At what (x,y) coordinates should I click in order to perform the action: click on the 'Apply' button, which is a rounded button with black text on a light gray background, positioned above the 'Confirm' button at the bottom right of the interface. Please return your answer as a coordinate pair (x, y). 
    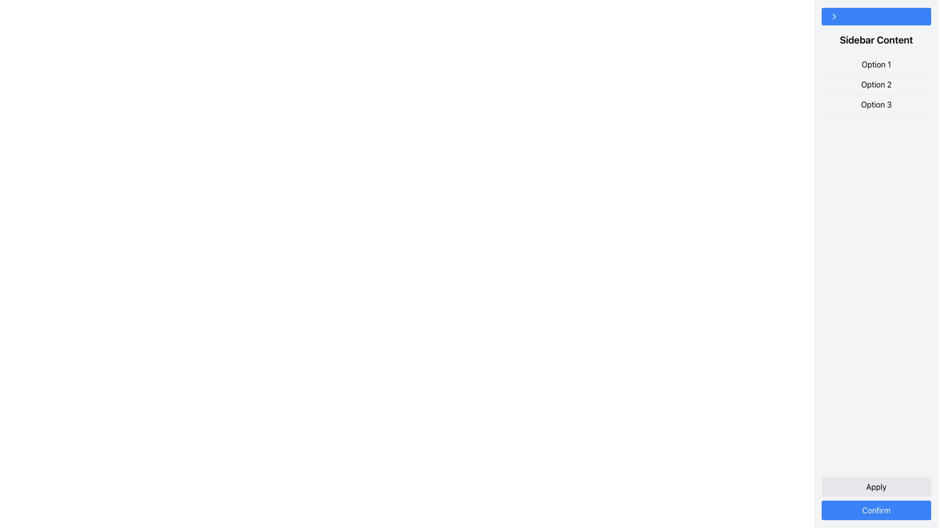
    Looking at the image, I should click on (876, 486).